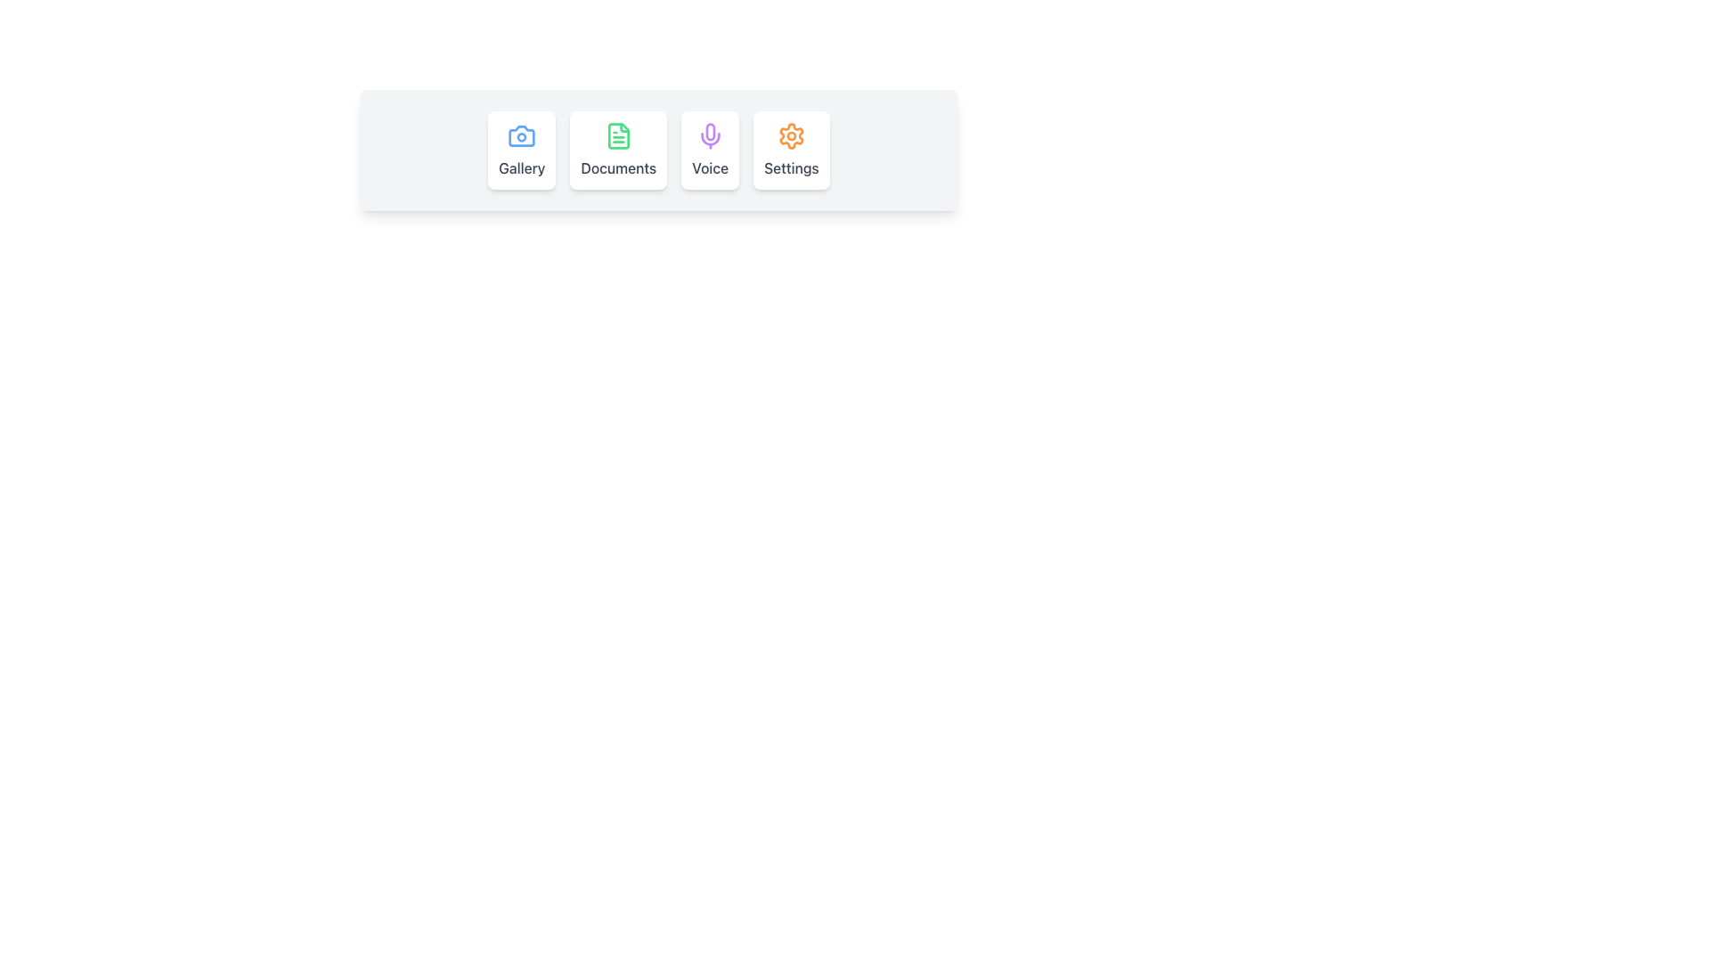 This screenshot has width=1710, height=962. Describe the element at coordinates (618, 168) in the screenshot. I see `text of the label that indicates the title or identifier for the card related to 'Documents', located below the green document icon in the second card from the left` at that location.